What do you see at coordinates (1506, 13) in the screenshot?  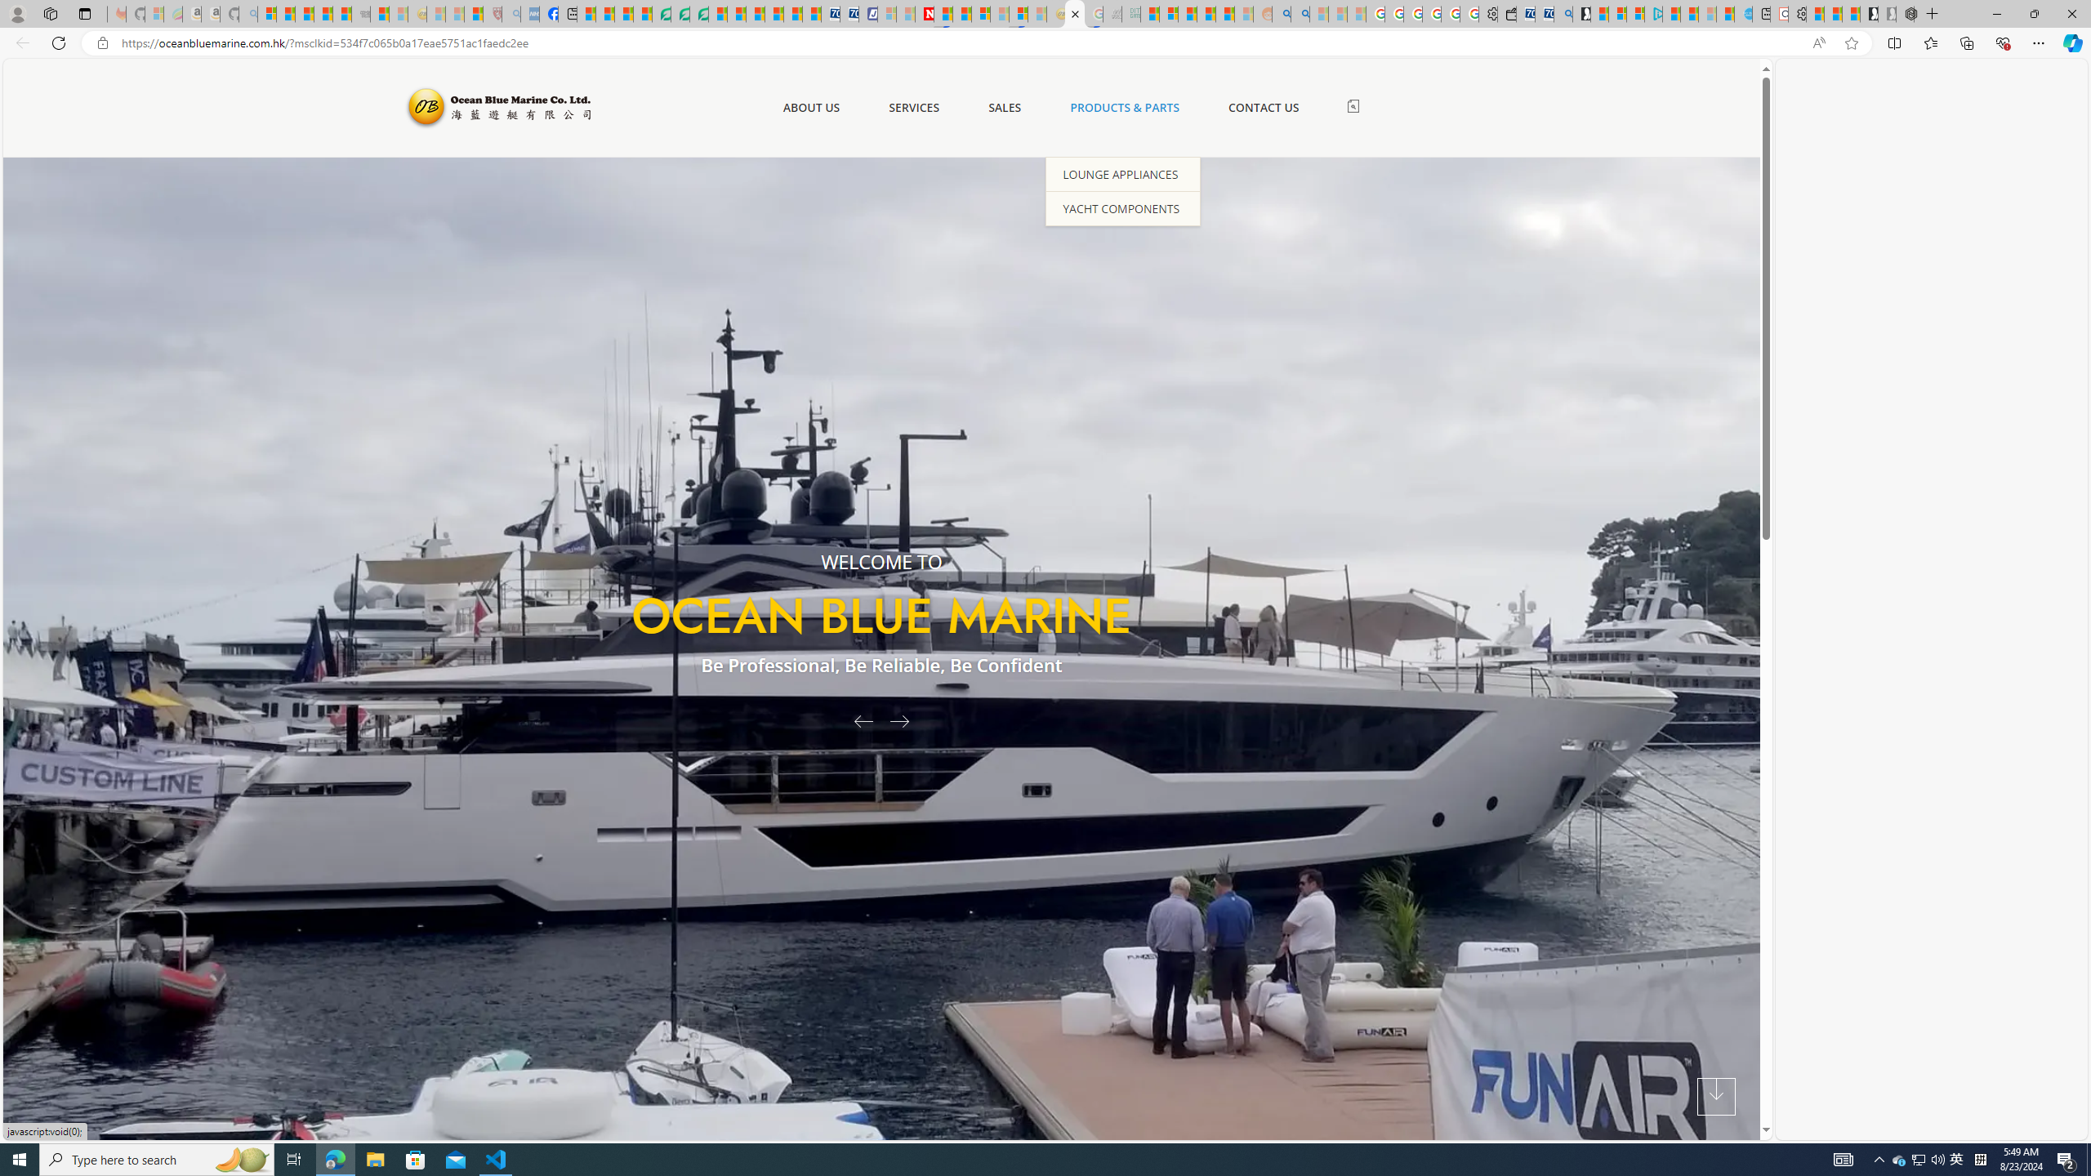 I see `'Wallet'` at bounding box center [1506, 13].